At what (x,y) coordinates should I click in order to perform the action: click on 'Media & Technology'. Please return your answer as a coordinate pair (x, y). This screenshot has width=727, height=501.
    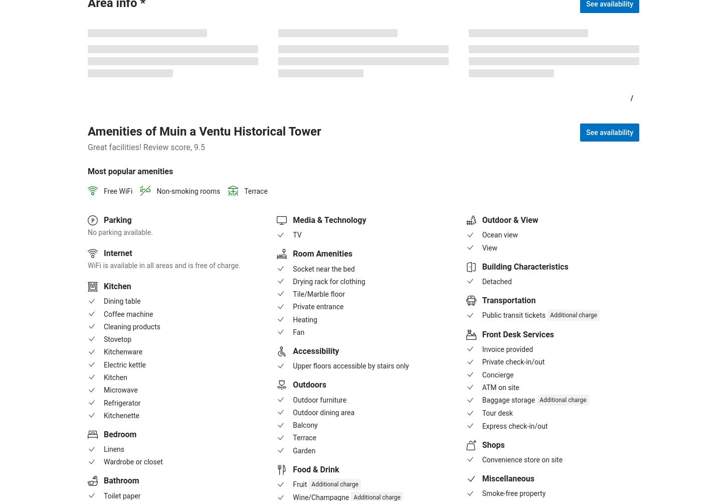
    Looking at the image, I should click on (293, 219).